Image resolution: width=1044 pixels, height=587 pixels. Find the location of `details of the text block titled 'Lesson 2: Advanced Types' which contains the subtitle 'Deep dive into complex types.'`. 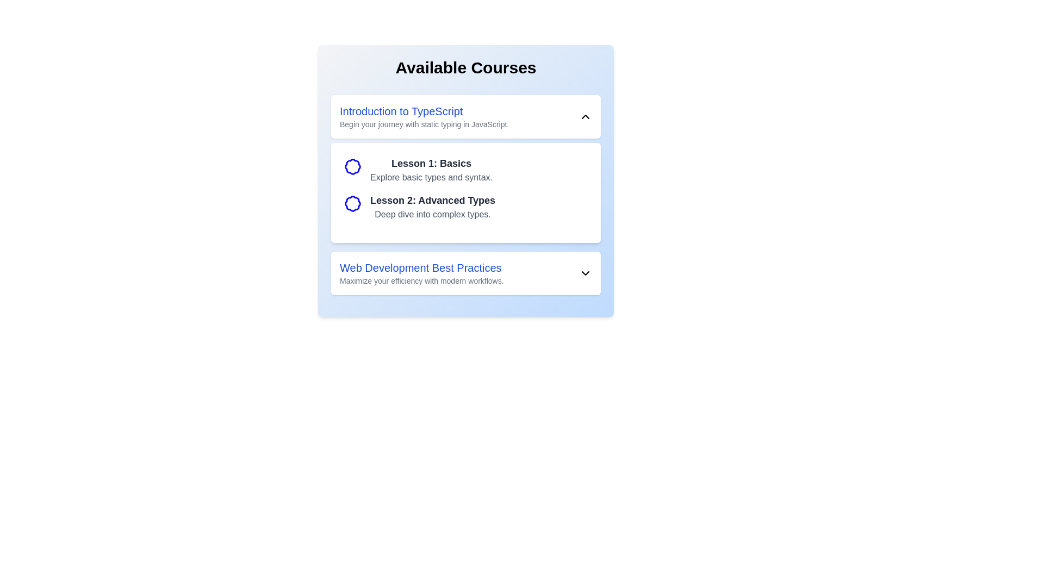

details of the text block titled 'Lesson 2: Advanced Types' which contains the subtitle 'Deep dive into complex types.' is located at coordinates (432, 207).